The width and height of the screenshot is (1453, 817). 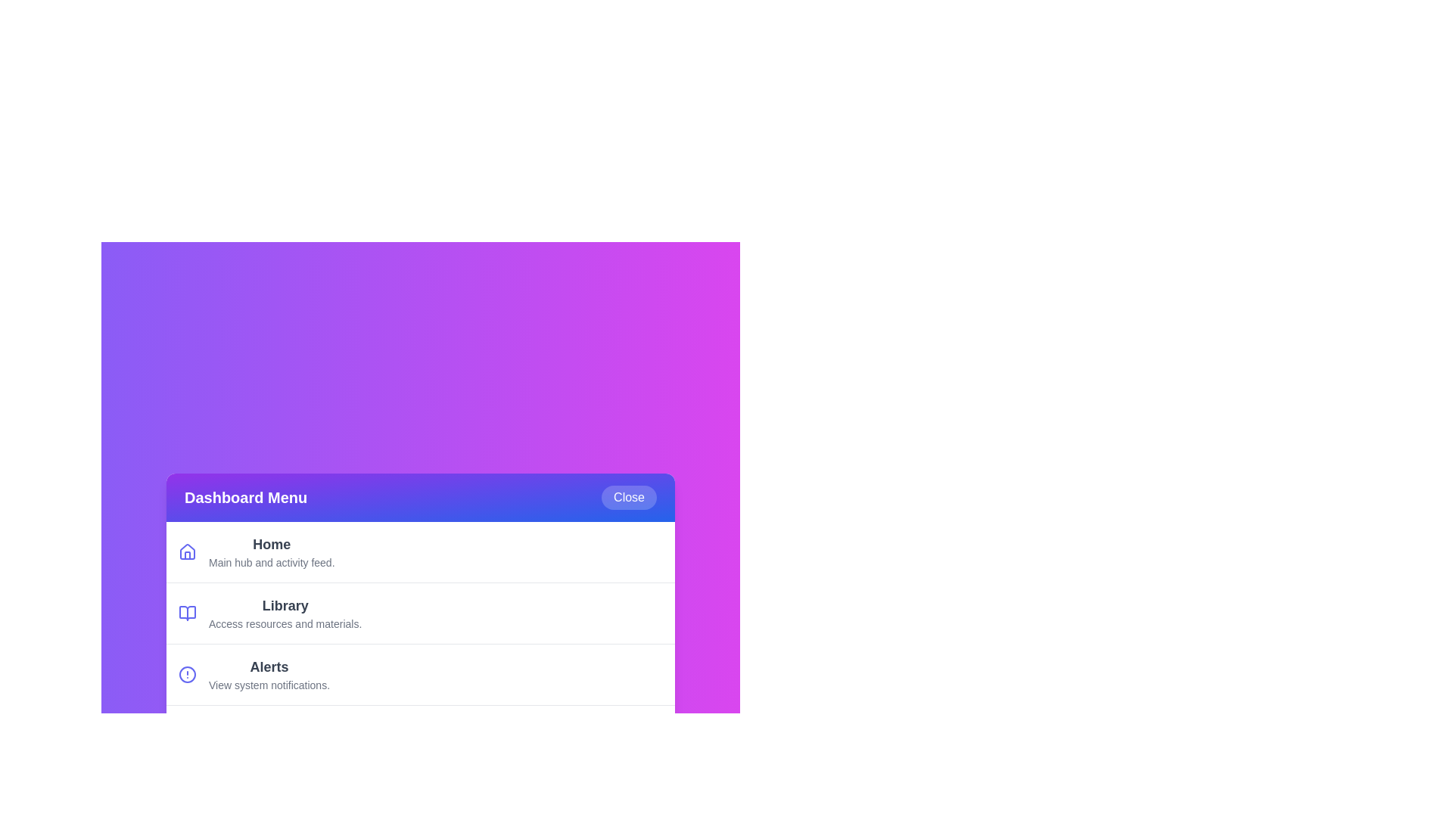 I want to click on the menu item Alerts by clicking on it, so click(x=421, y=673).